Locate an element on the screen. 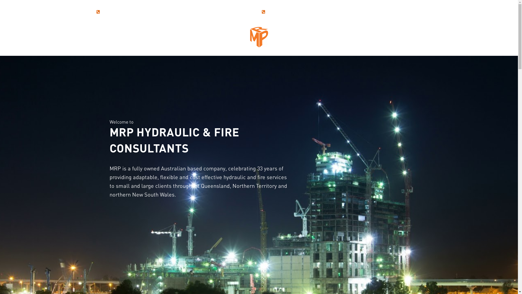  'MRP Home' is located at coordinates (259, 37).